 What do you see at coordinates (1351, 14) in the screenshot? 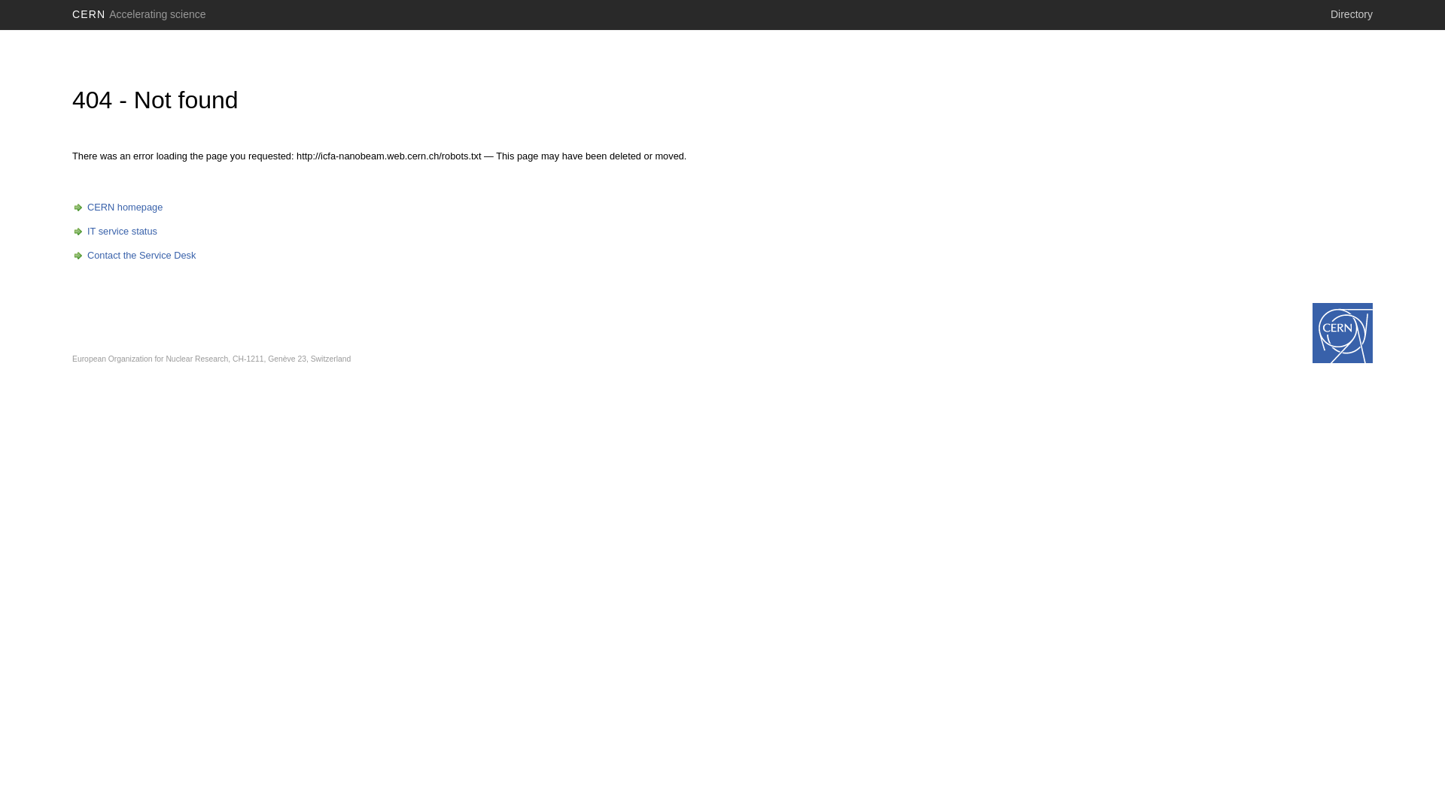
I see `'Directory'` at bounding box center [1351, 14].